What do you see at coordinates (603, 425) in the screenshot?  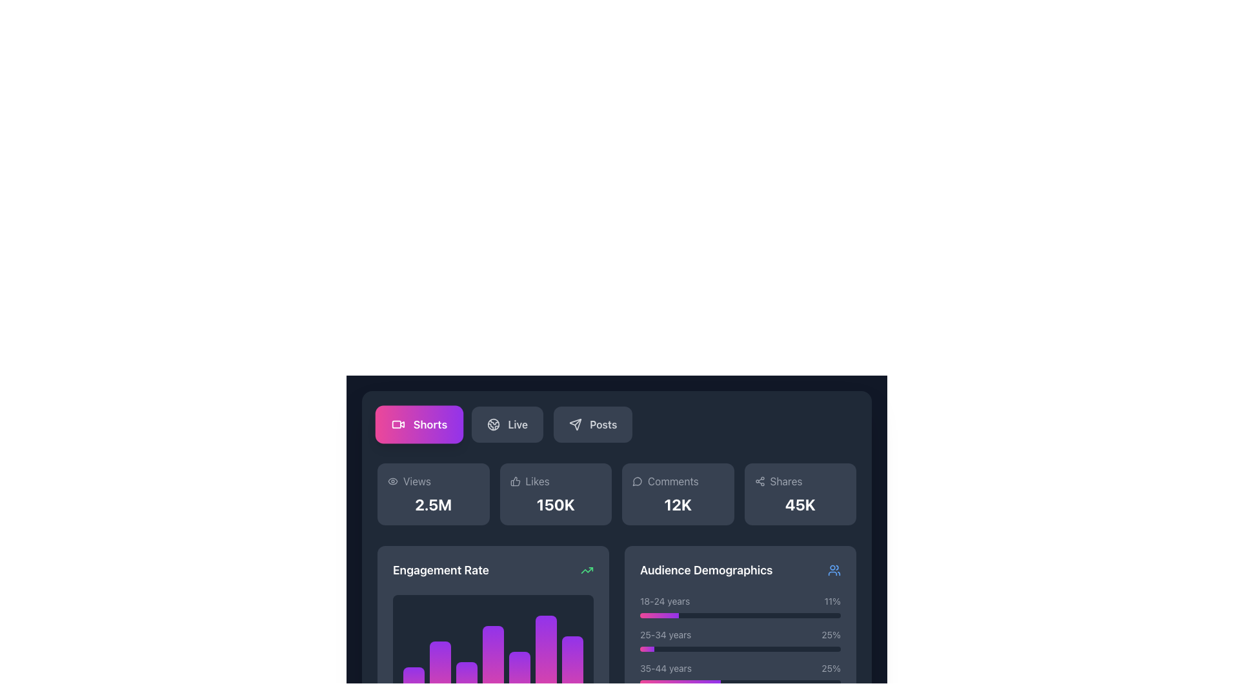 I see `the text label inside the navigation button that identifies the section related to posts, which is located on the rightmost side of a group of three buttons` at bounding box center [603, 425].